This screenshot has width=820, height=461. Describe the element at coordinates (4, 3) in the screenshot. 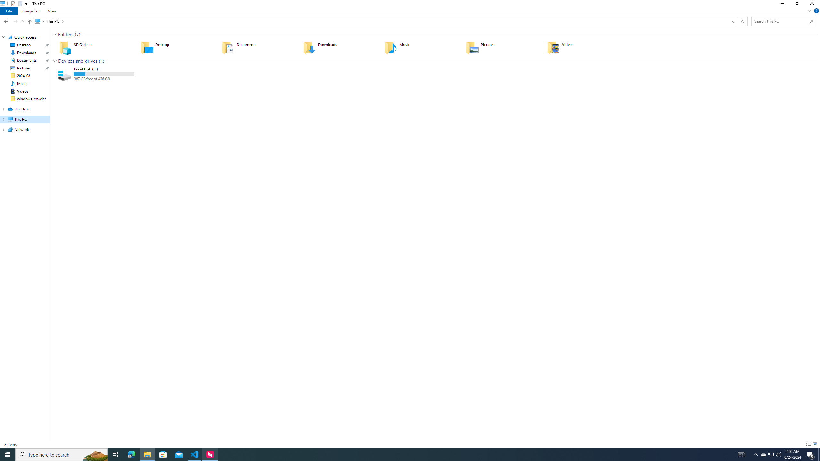

I see `'System'` at that location.